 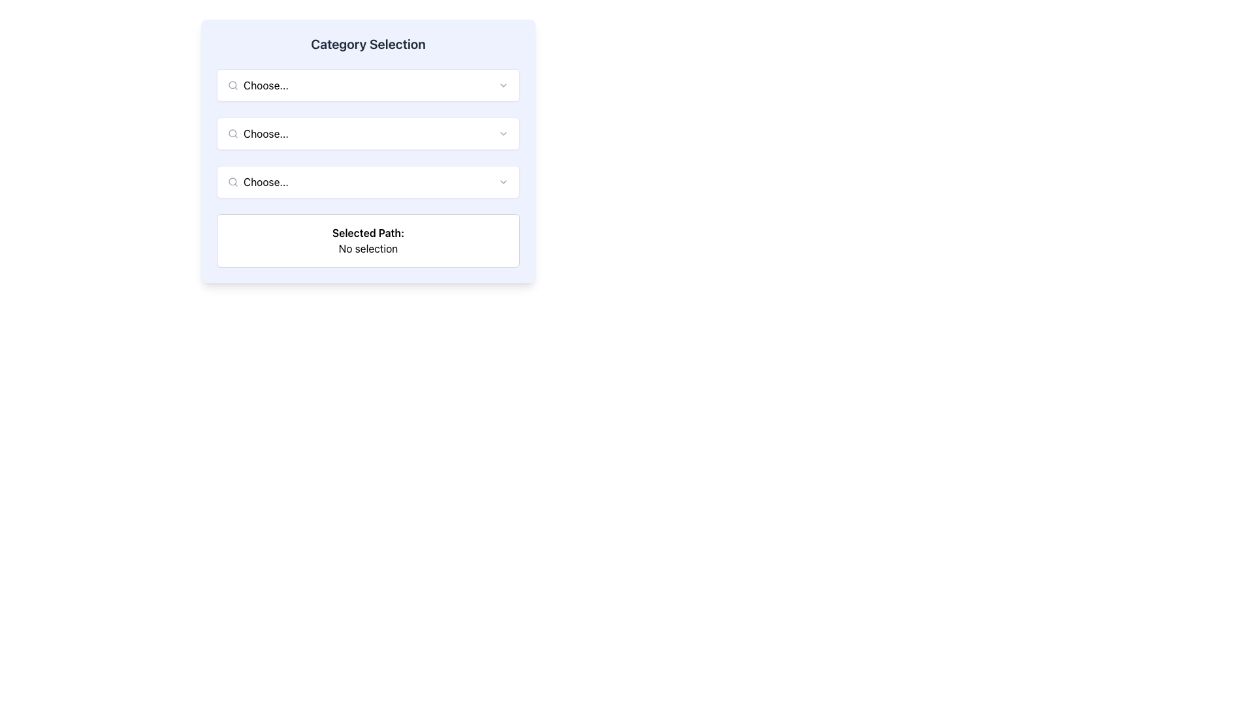 I want to click on the circular search icon located at the left end of the third input field, which features a magnifying glass symbol within a white input field, so click(x=233, y=181).